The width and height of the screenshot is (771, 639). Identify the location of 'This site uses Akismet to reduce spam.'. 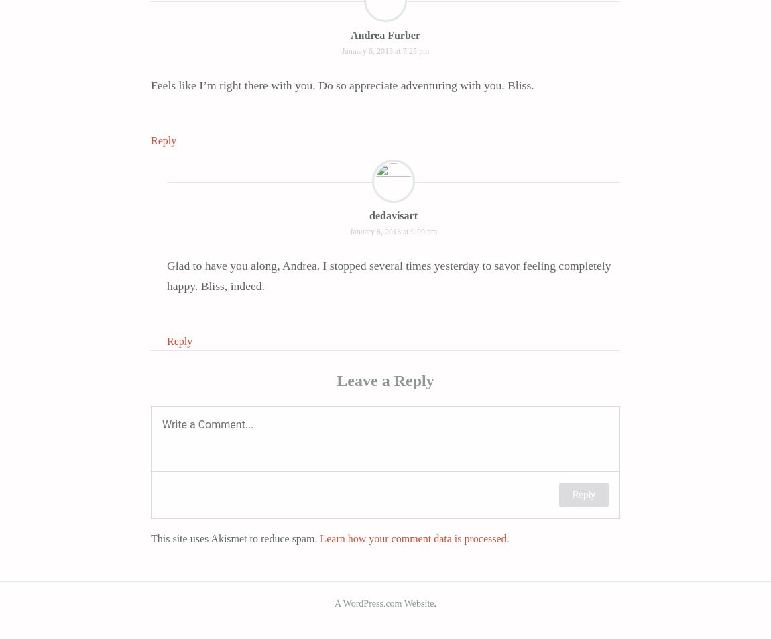
(235, 538).